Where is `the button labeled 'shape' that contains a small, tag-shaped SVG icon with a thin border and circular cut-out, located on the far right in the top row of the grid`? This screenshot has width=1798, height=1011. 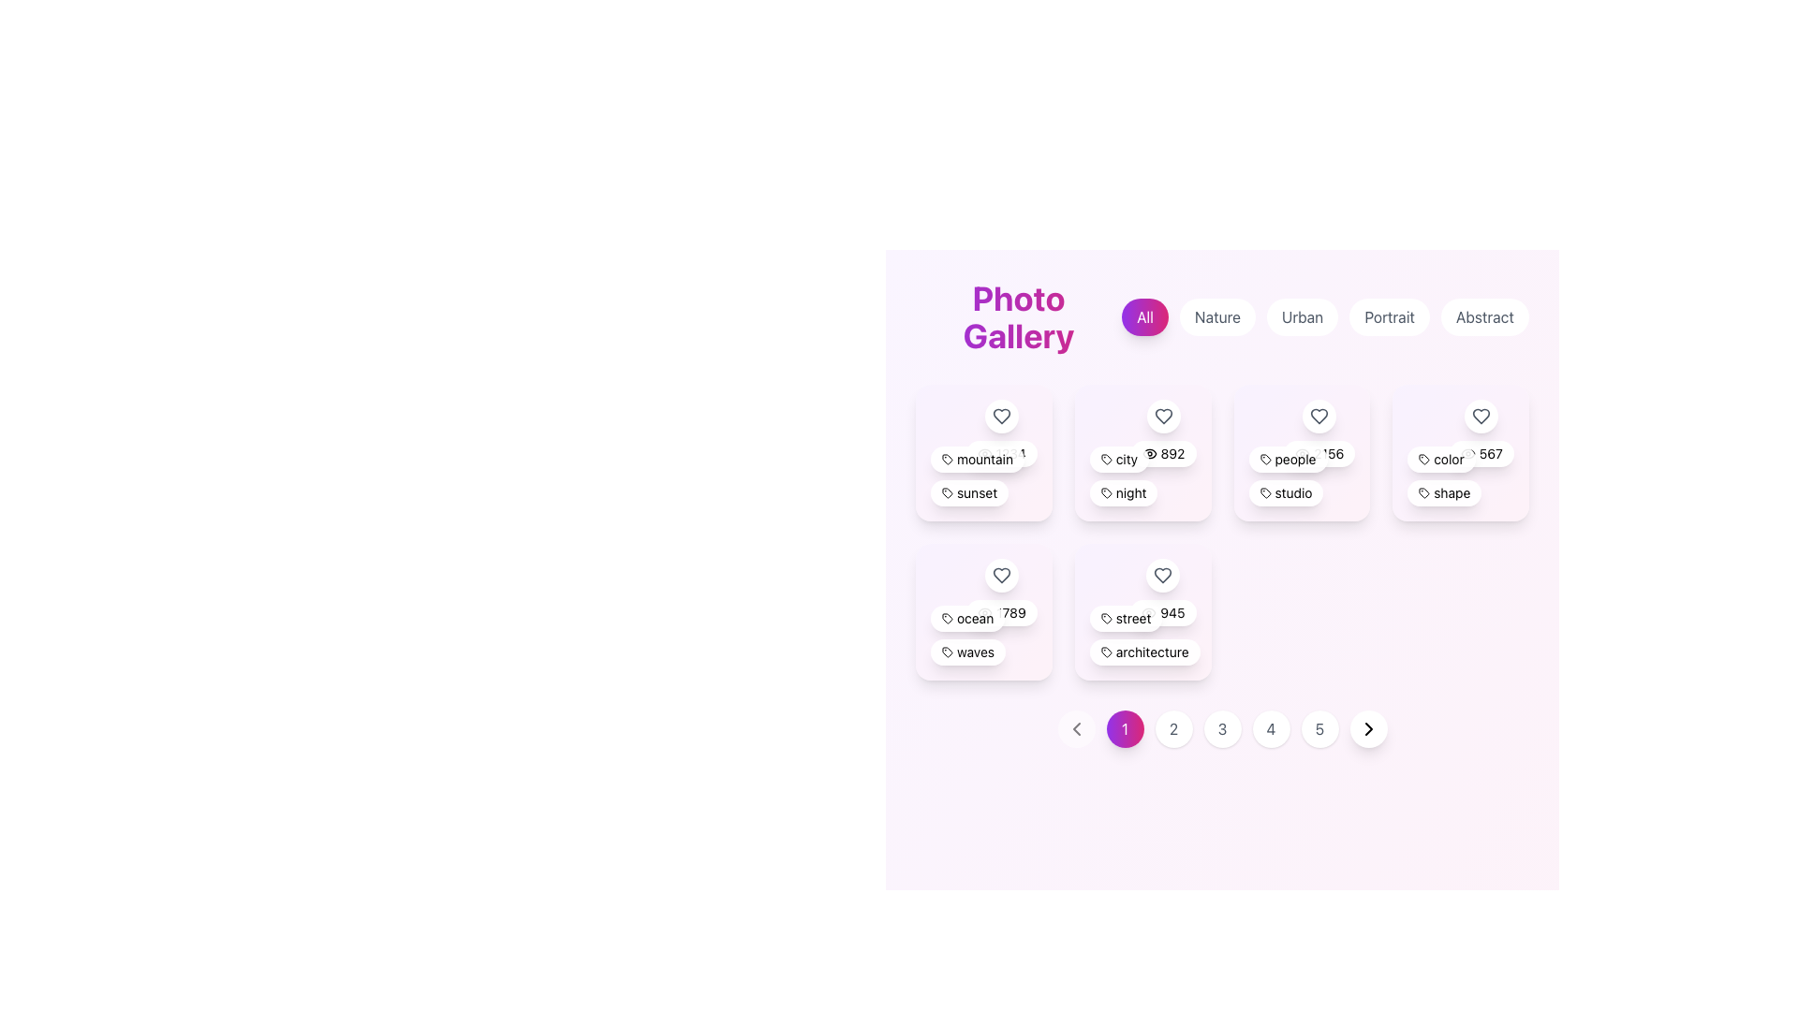 the button labeled 'shape' that contains a small, tag-shaped SVG icon with a thin border and circular cut-out, located on the far right in the top row of the grid is located at coordinates (1423, 491).